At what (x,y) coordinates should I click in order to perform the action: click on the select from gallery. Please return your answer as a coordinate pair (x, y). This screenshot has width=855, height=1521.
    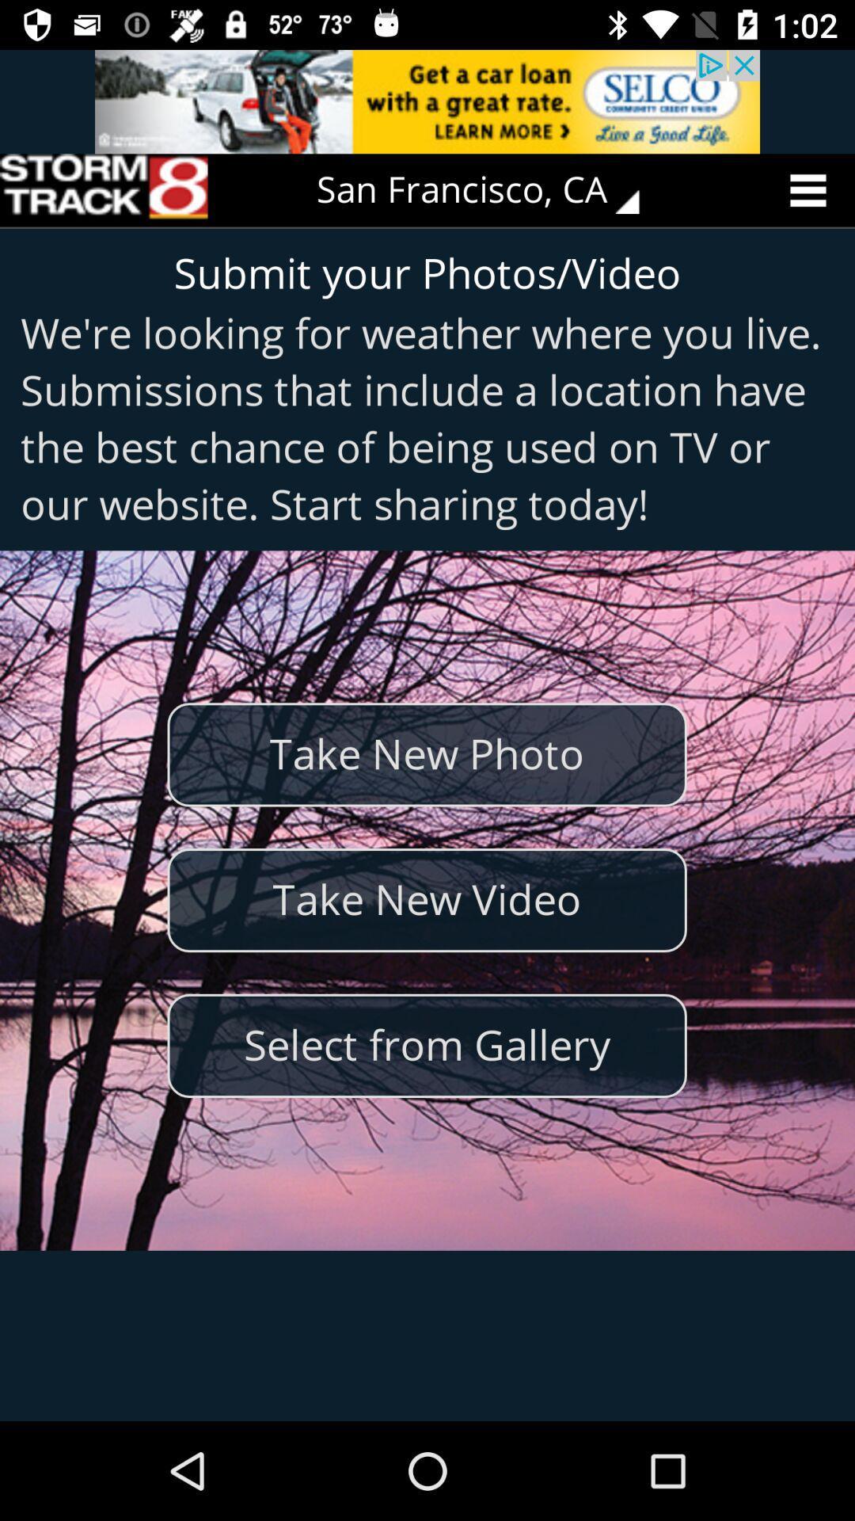
    Looking at the image, I should click on (426, 1046).